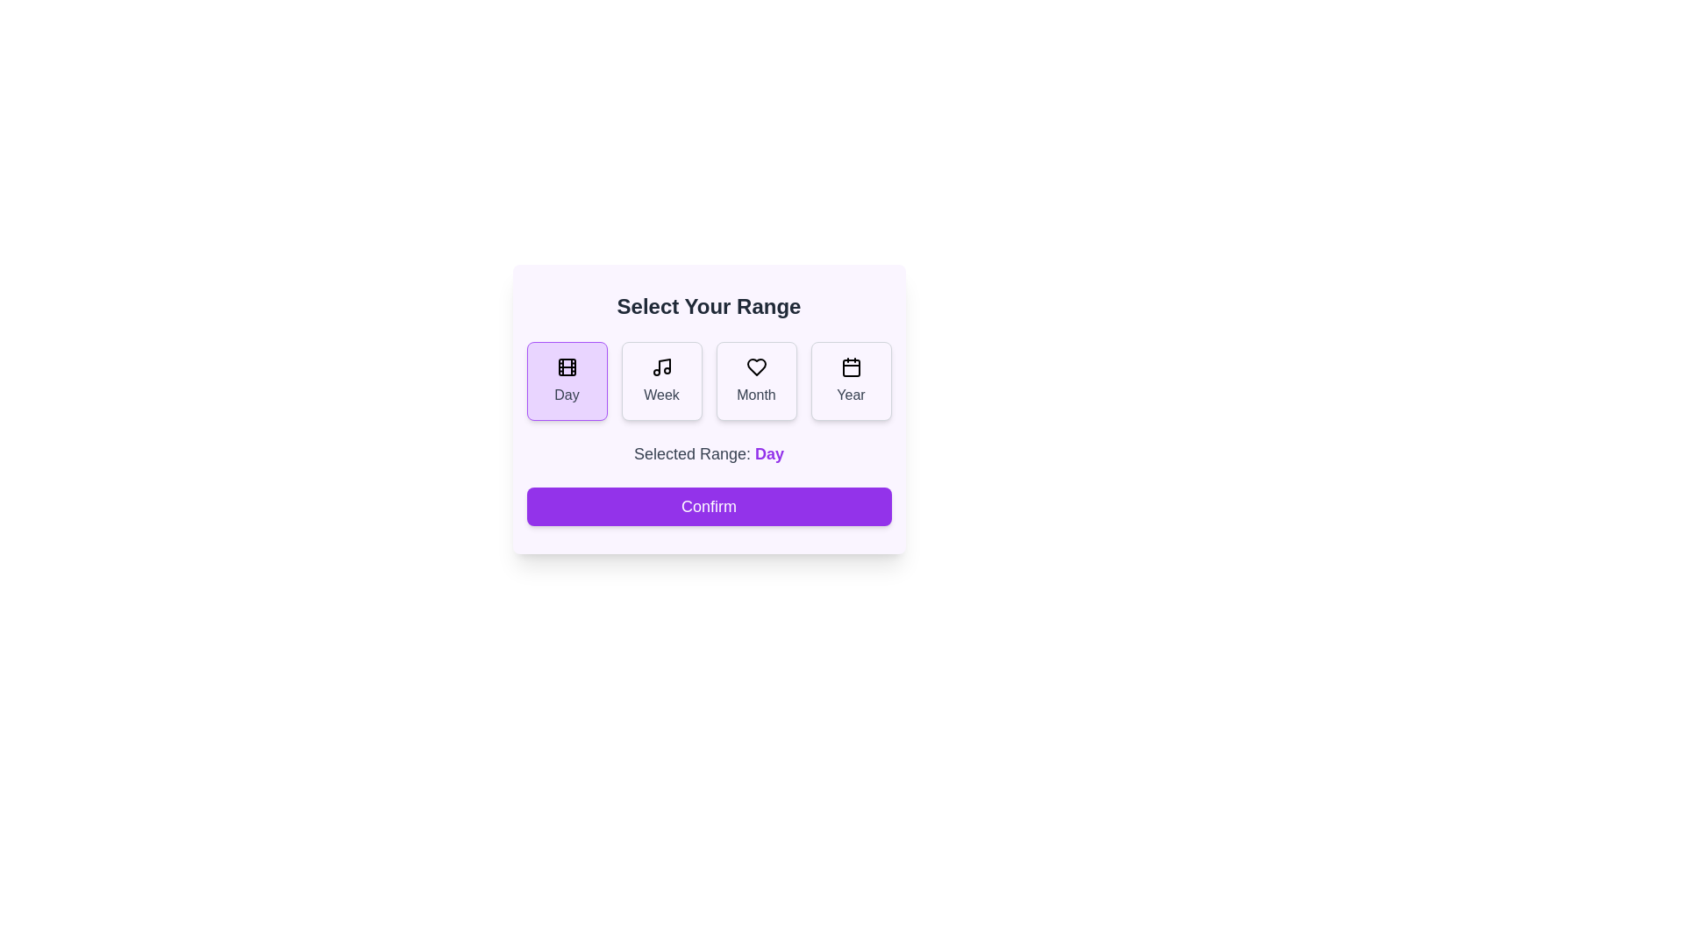  What do you see at coordinates (567, 367) in the screenshot?
I see `the 'Day' icon, which is the leftmost item in a horizontal menu` at bounding box center [567, 367].